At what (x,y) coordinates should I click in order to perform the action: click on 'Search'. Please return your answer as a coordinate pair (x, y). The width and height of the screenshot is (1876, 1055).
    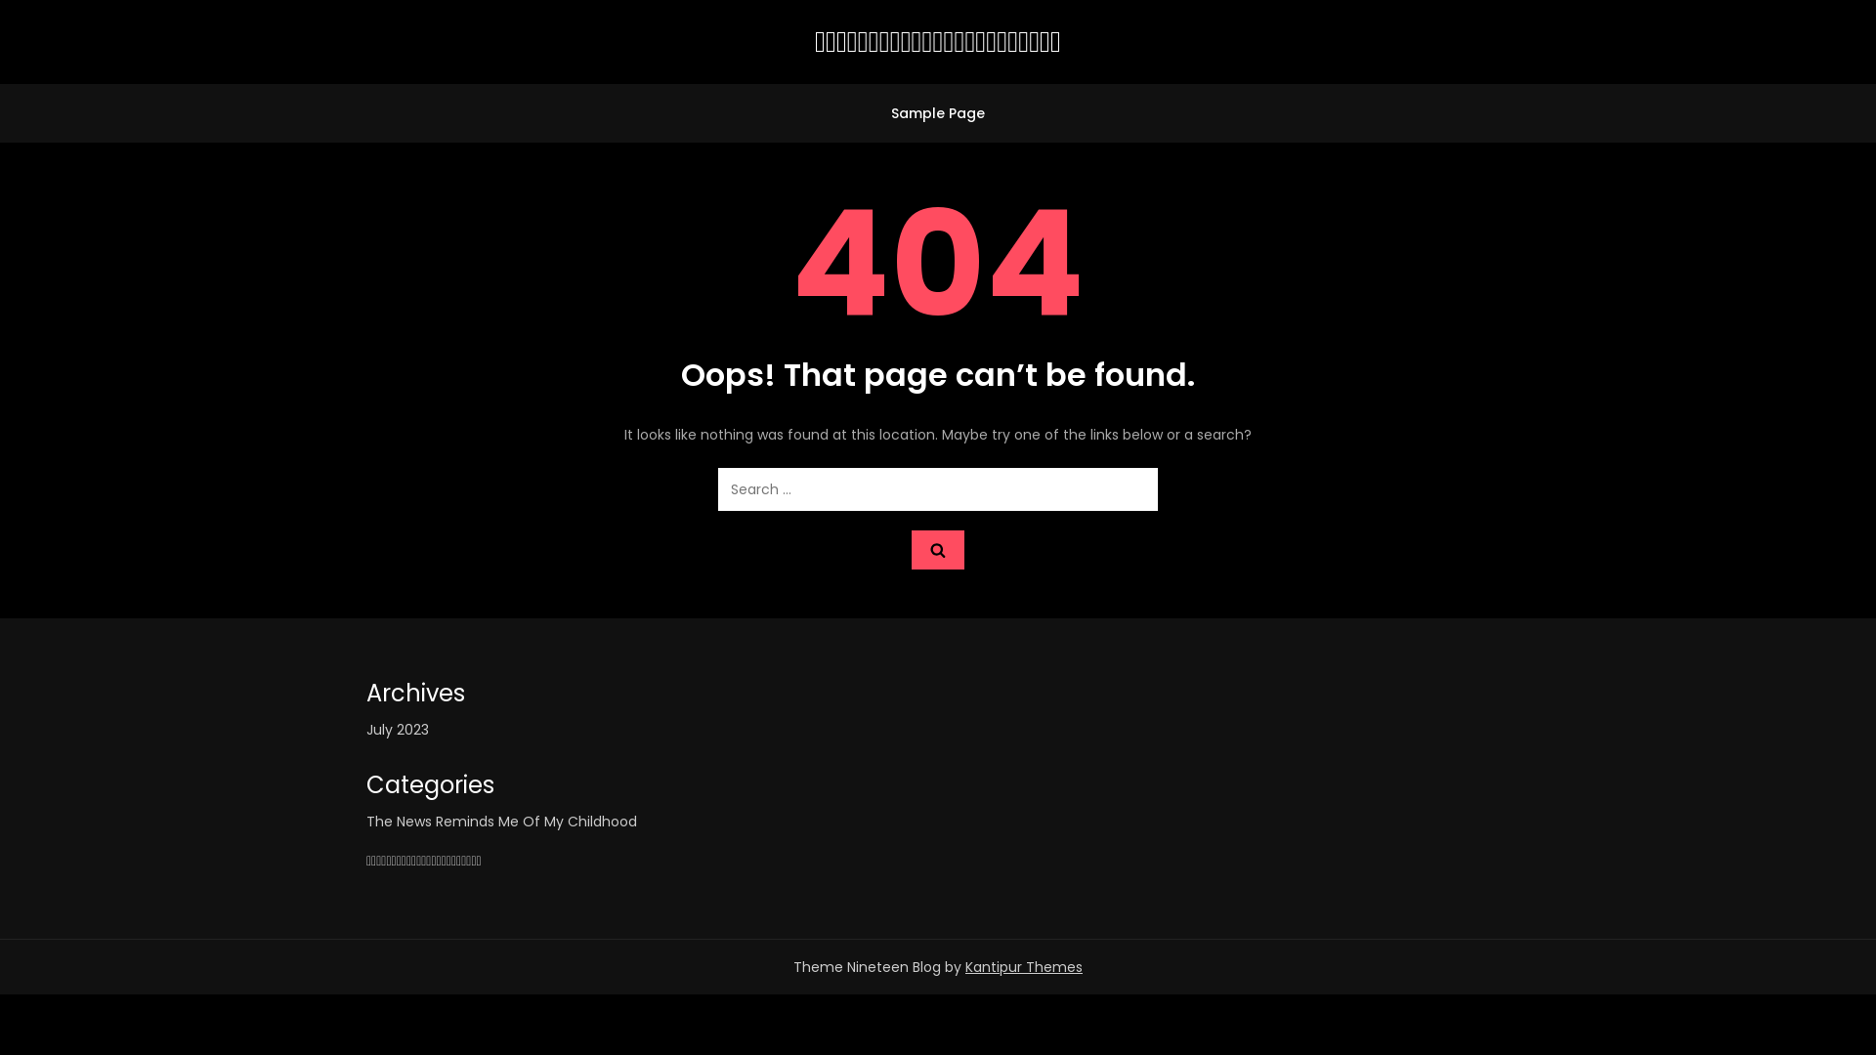
    Looking at the image, I should click on (938, 550).